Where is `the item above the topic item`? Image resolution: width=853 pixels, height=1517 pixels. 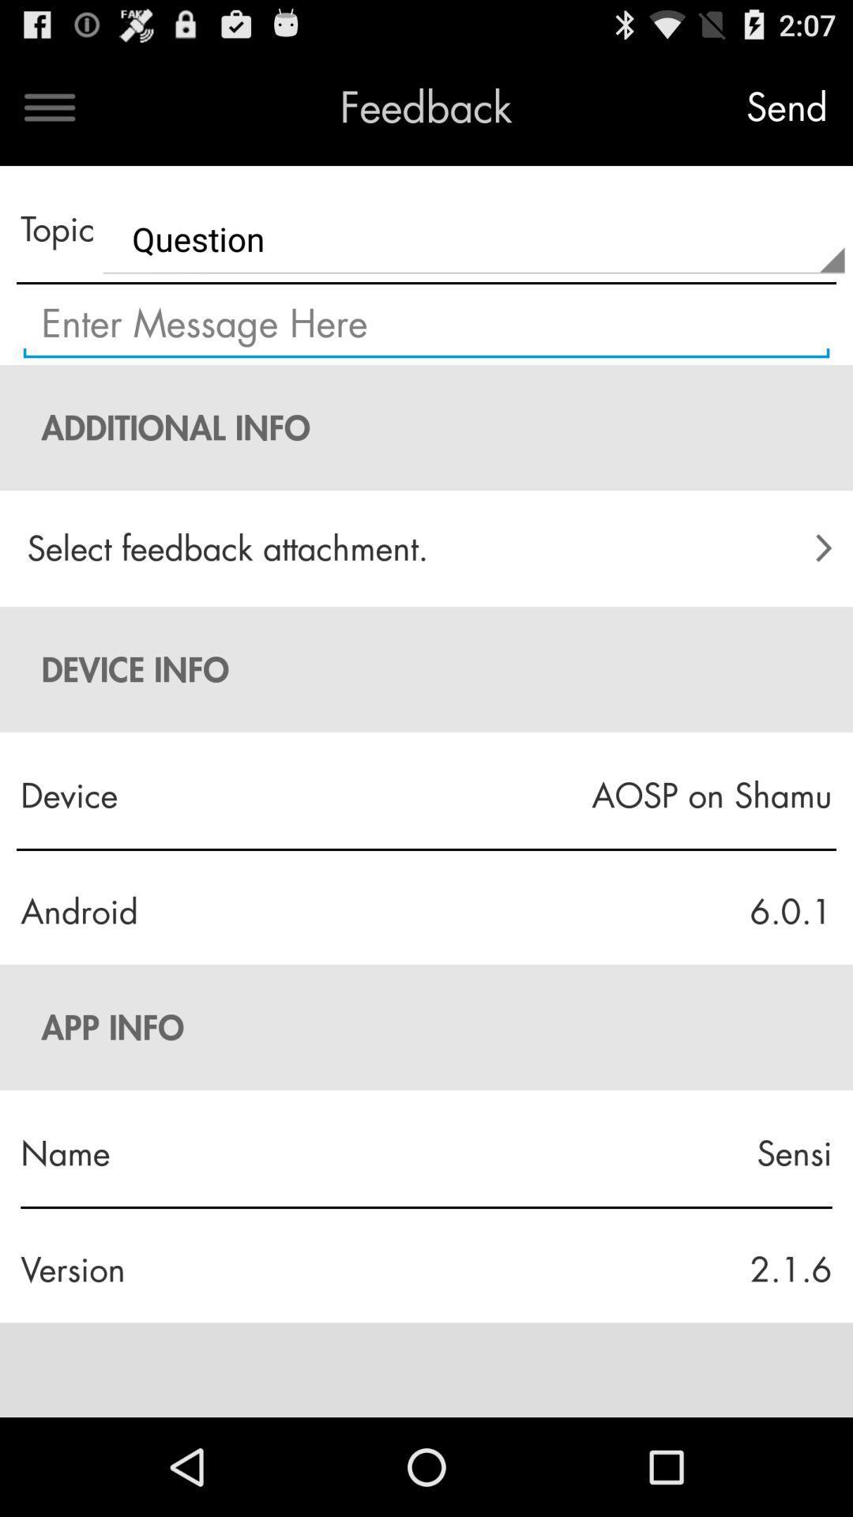
the item above the topic item is located at coordinates (48, 107).